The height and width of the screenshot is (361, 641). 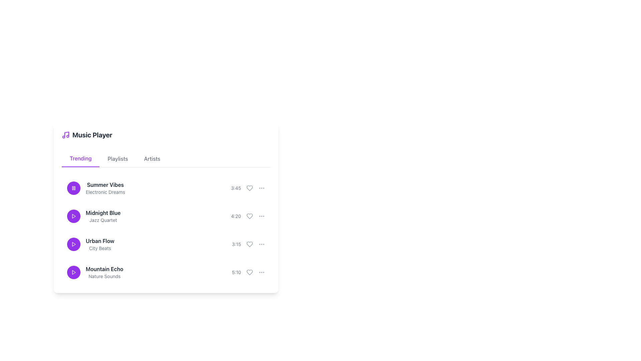 I want to click on the triangular play button icon located in the last row of the list under the 'Mountain Echo' entry in the 'Trending' tab, so click(x=74, y=272).